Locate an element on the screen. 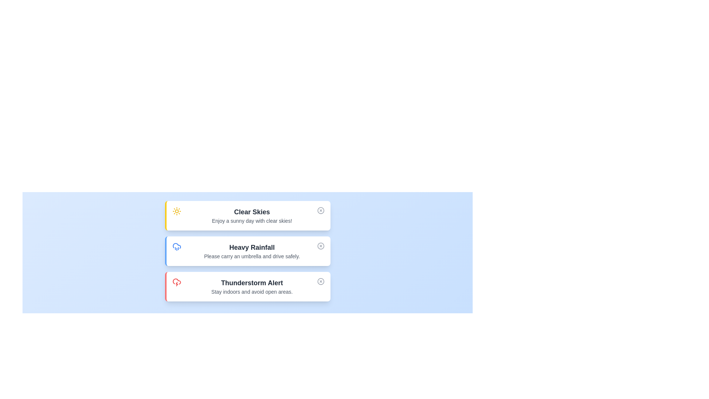 This screenshot has width=709, height=399. close button of the alert labeled Thunderstorm Alert is located at coordinates (321, 282).